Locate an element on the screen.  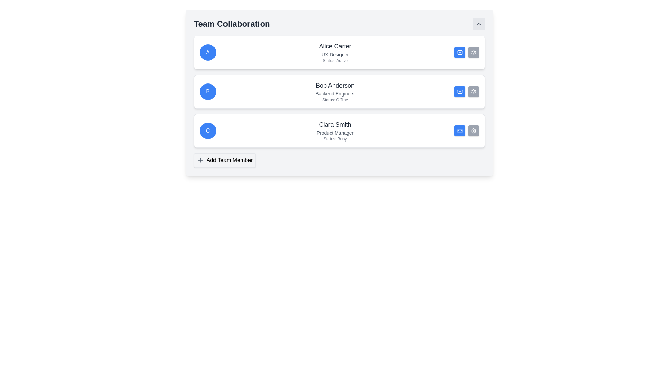
displayed information from the Information Display element that shows the name, role, and current availability status of a team member, located in the third card of a vertical stack in the collaboration interface is located at coordinates (335, 131).